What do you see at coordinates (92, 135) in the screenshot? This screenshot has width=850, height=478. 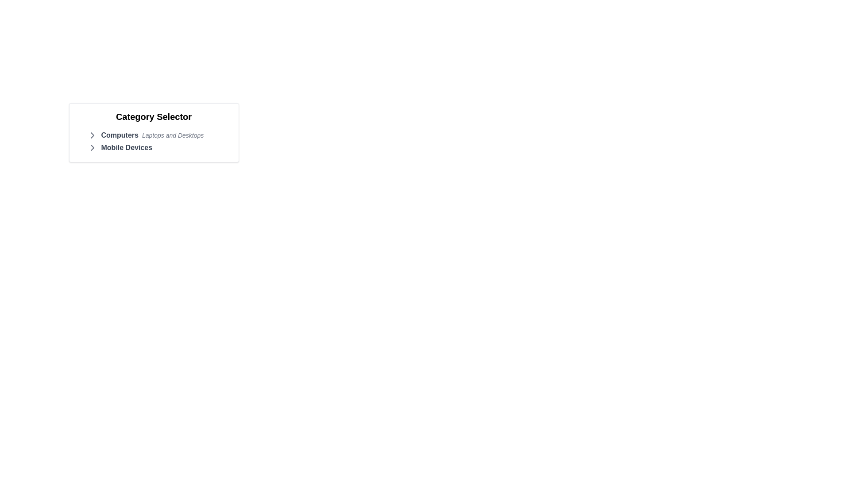 I see `the chevron icon located to the left of the 'Computers' text, which serves as a button to expand or navigate to the 'Computers' category` at bounding box center [92, 135].